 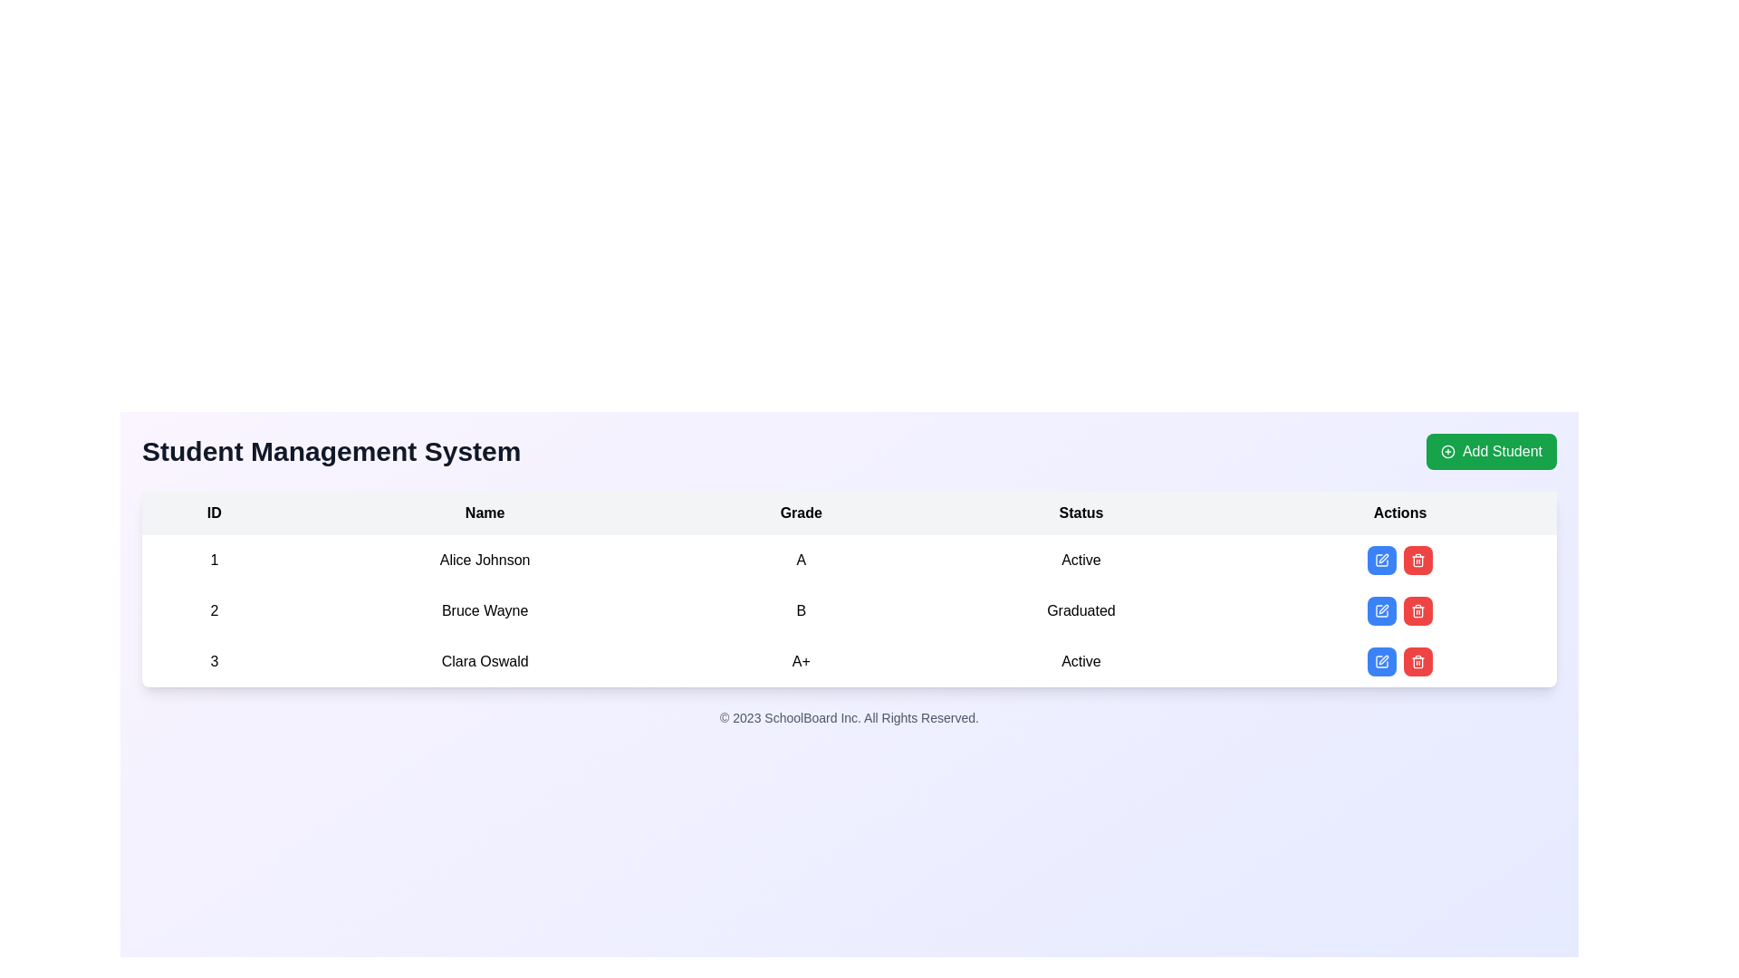 I want to click on the delete icon in the Actions column for Bruce Wayne, so click(x=1417, y=611).